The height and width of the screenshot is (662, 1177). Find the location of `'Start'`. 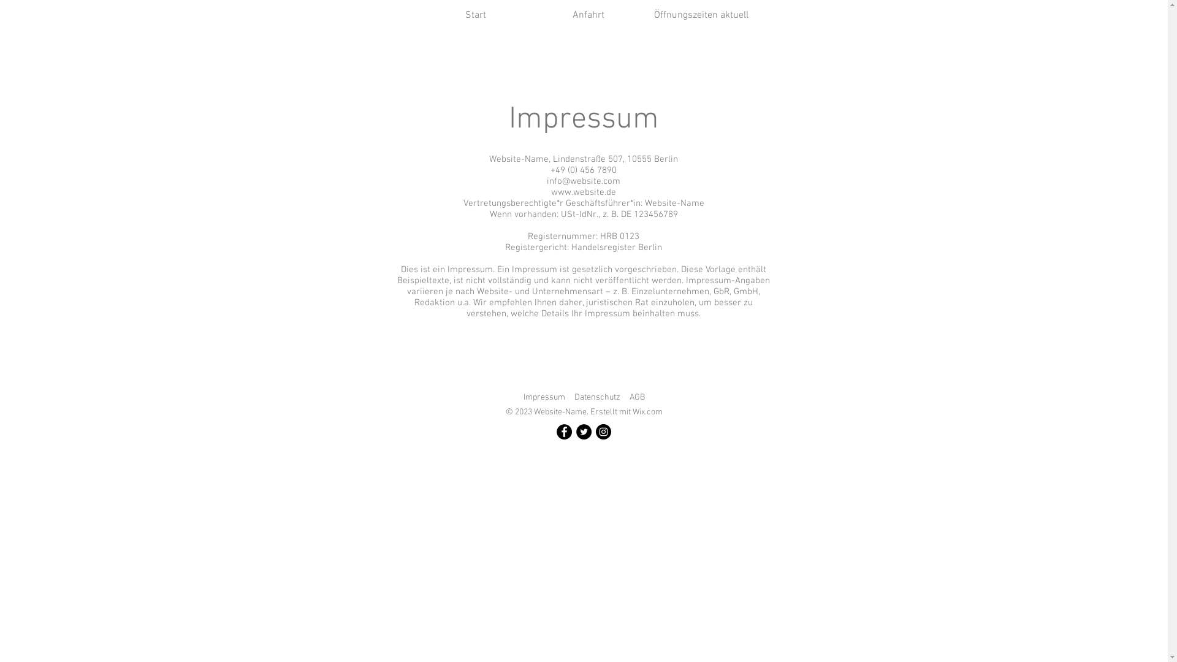

'Start' is located at coordinates (475, 15).